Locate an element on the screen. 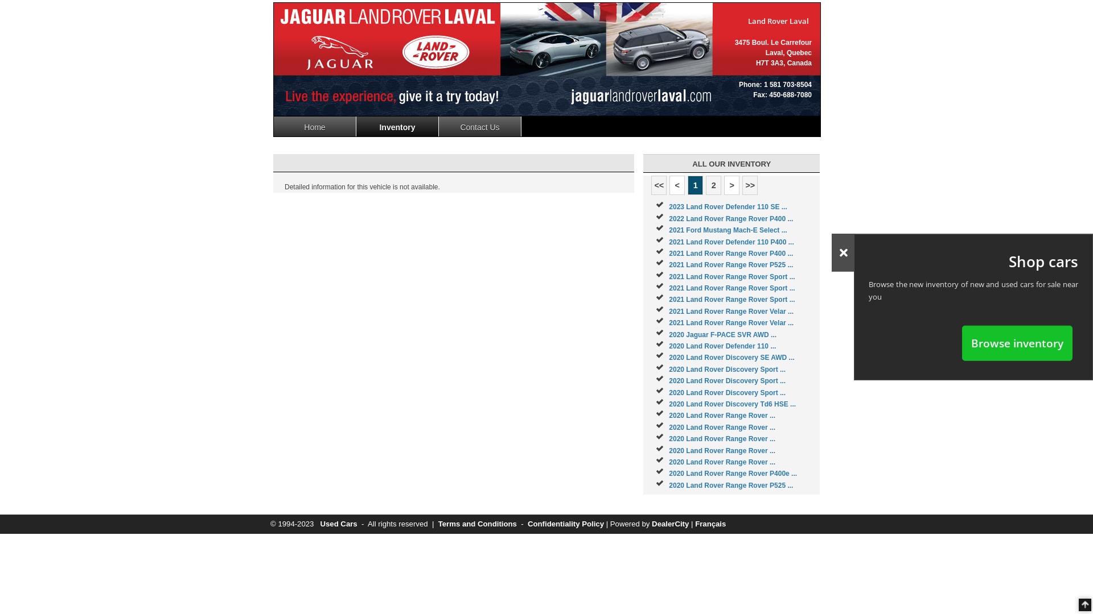 This screenshot has height=614, width=1093. 'DealerCity' is located at coordinates (670, 524).